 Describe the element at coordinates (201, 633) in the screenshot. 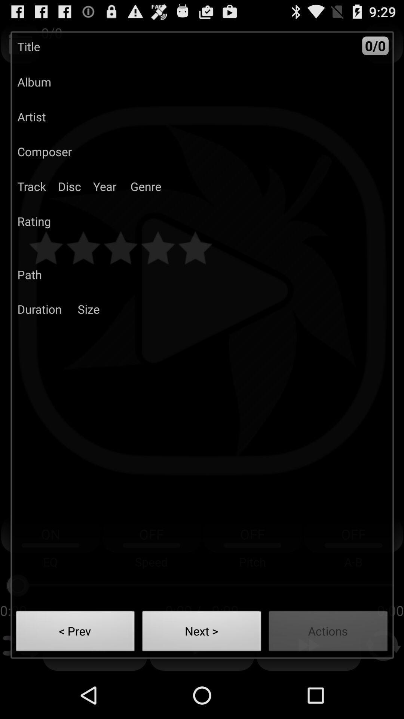

I see `icon to the right of < prev button` at that location.